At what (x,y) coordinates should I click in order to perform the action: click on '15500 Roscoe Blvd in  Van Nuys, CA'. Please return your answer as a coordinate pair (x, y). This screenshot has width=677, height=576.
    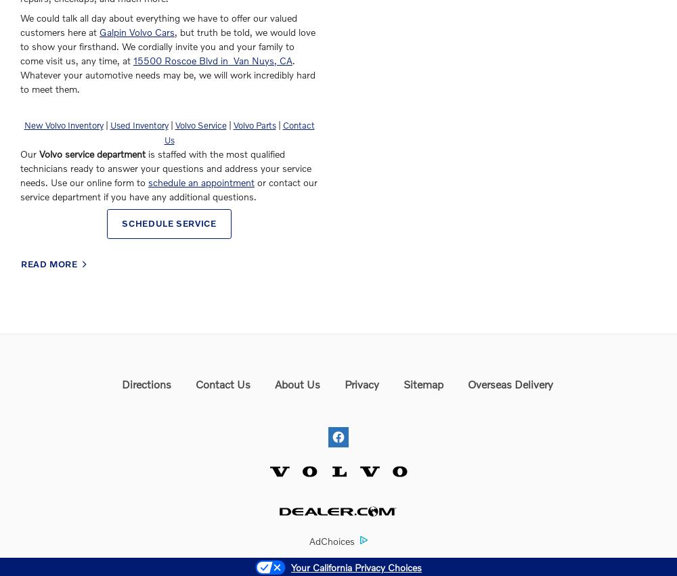
    Looking at the image, I should click on (212, 60).